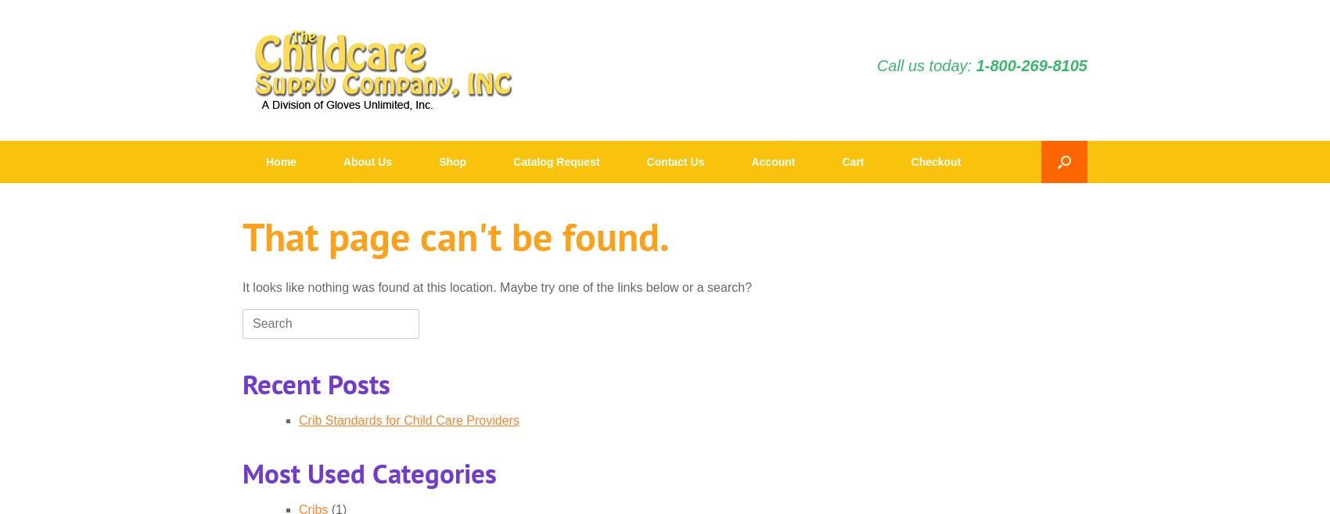  Describe the element at coordinates (367, 161) in the screenshot. I see `'About Us'` at that location.